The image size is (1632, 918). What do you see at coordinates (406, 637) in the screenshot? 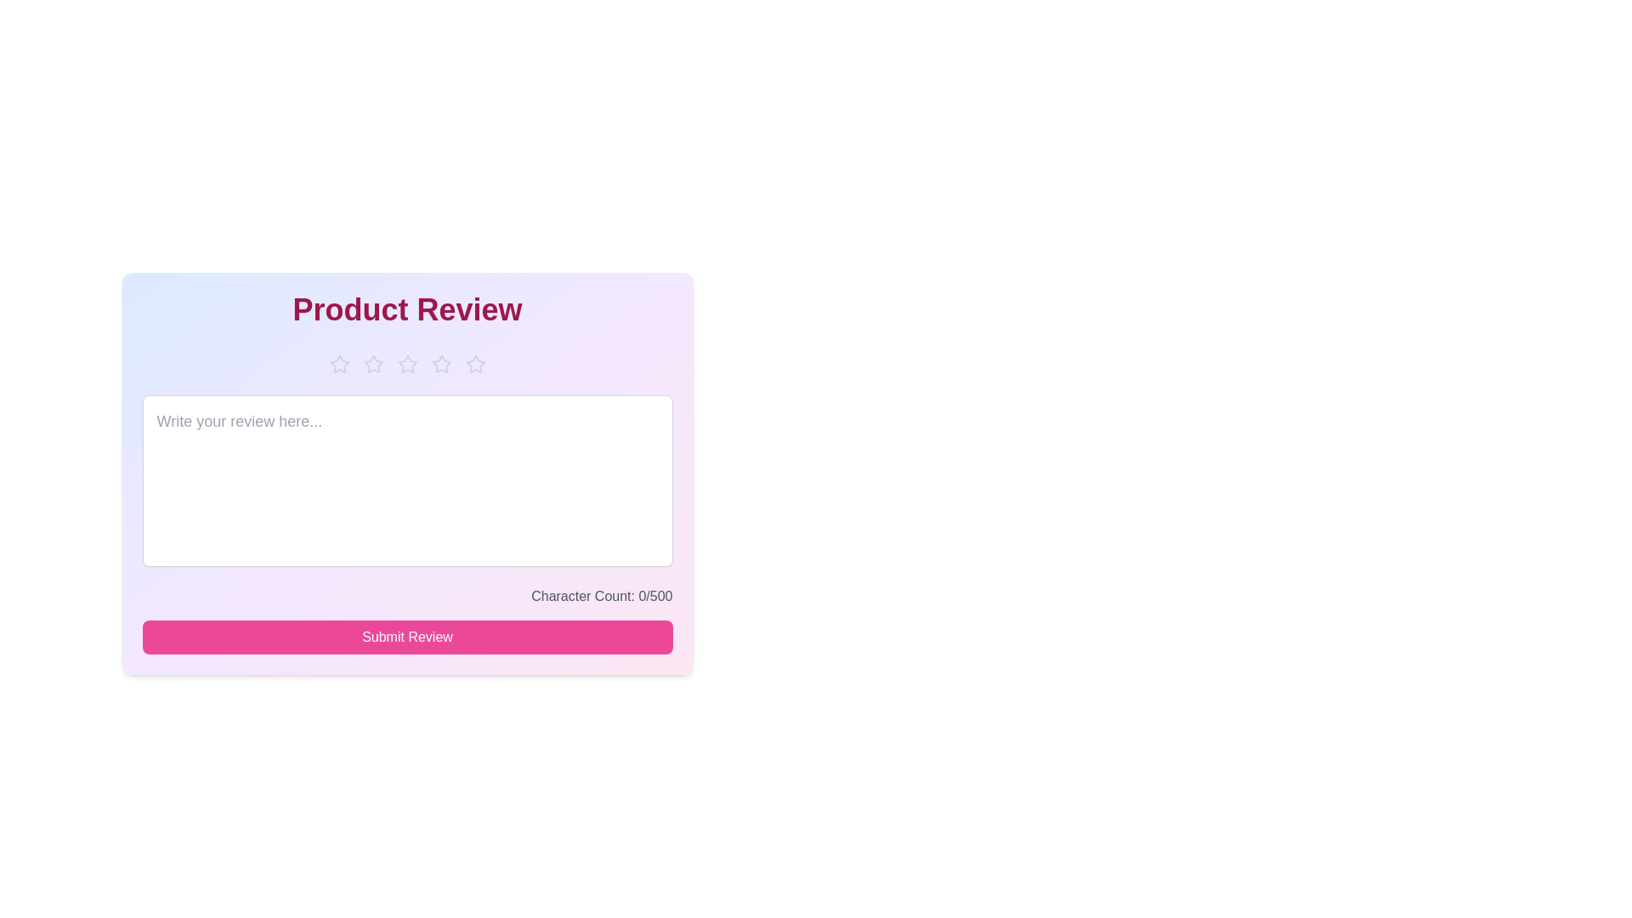
I see `the 'Submit Review' button to submit the review` at bounding box center [406, 637].